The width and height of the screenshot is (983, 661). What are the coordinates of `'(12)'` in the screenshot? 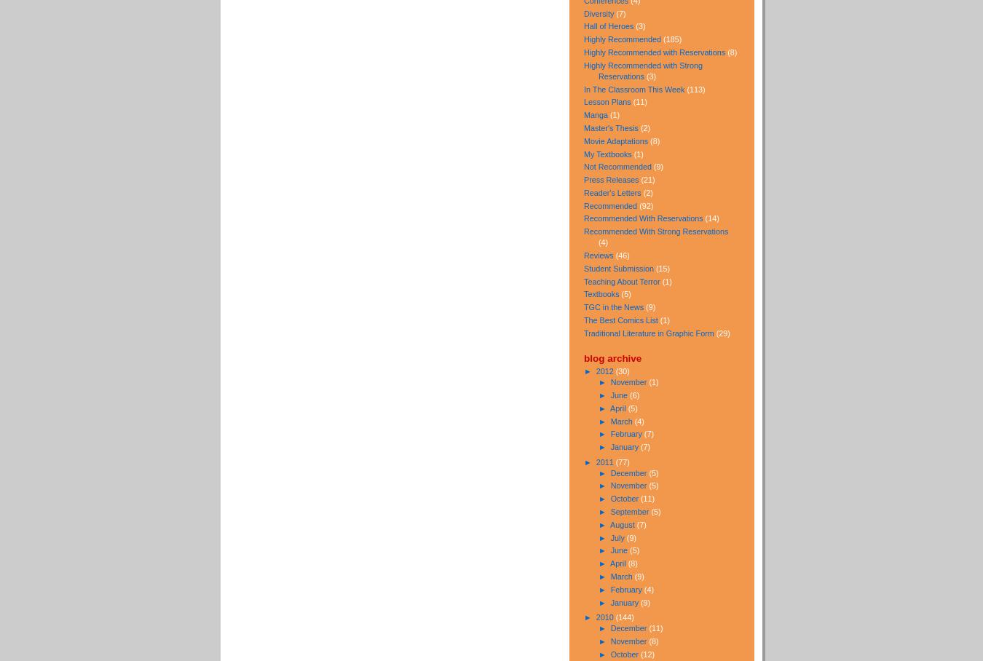 It's located at (647, 654).